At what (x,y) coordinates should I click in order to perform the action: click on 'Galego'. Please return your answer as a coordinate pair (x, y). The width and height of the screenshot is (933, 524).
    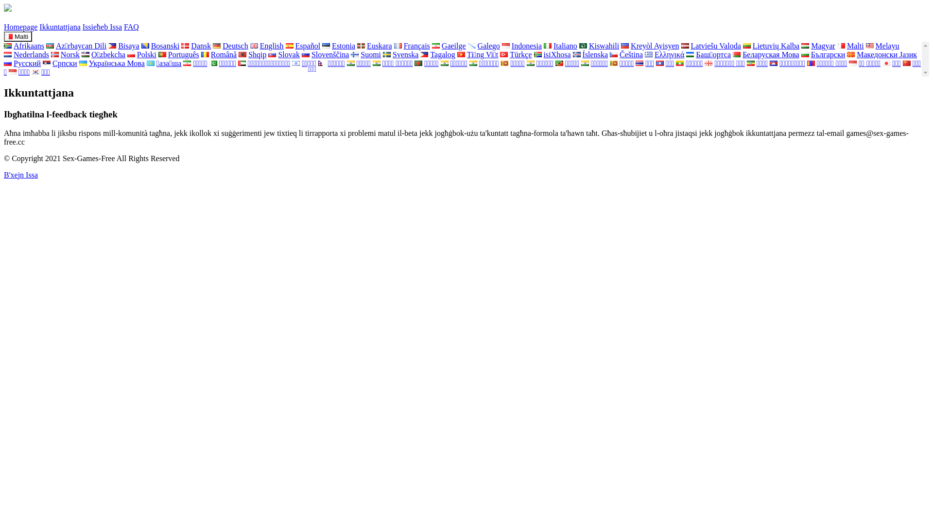
    Looking at the image, I should click on (468, 46).